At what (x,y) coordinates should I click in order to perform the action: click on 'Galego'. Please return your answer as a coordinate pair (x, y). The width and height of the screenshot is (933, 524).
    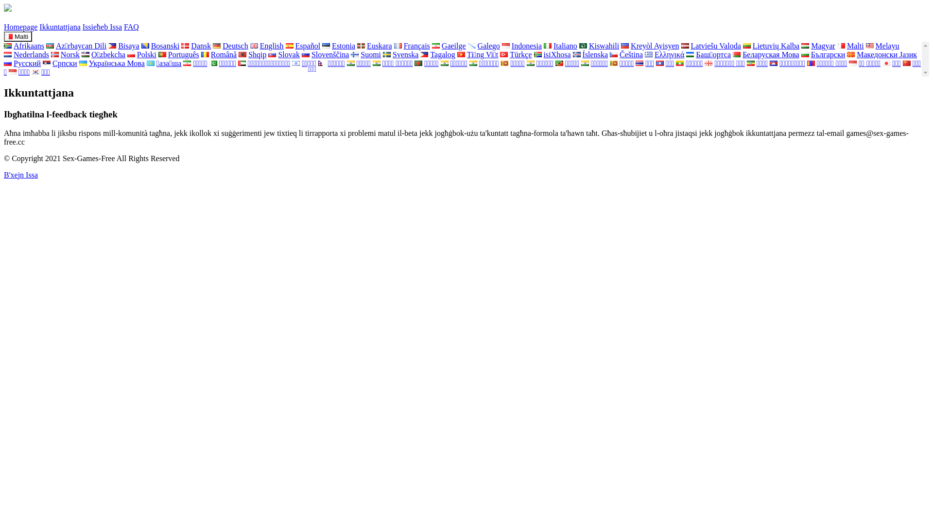
    Looking at the image, I should click on (468, 46).